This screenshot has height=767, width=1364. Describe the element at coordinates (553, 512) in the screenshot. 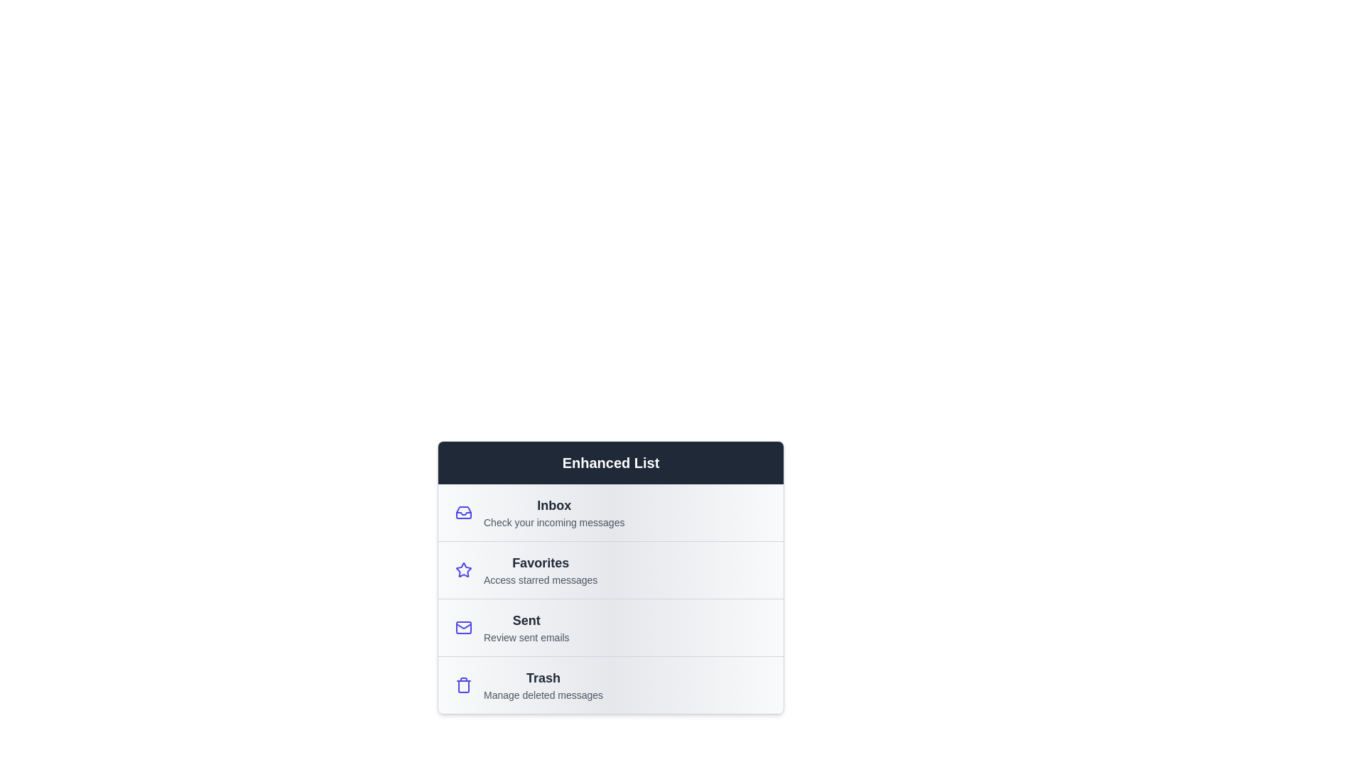

I see `the 'Inbox' textual label located beneath the 'Enhanced List' section` at that location.